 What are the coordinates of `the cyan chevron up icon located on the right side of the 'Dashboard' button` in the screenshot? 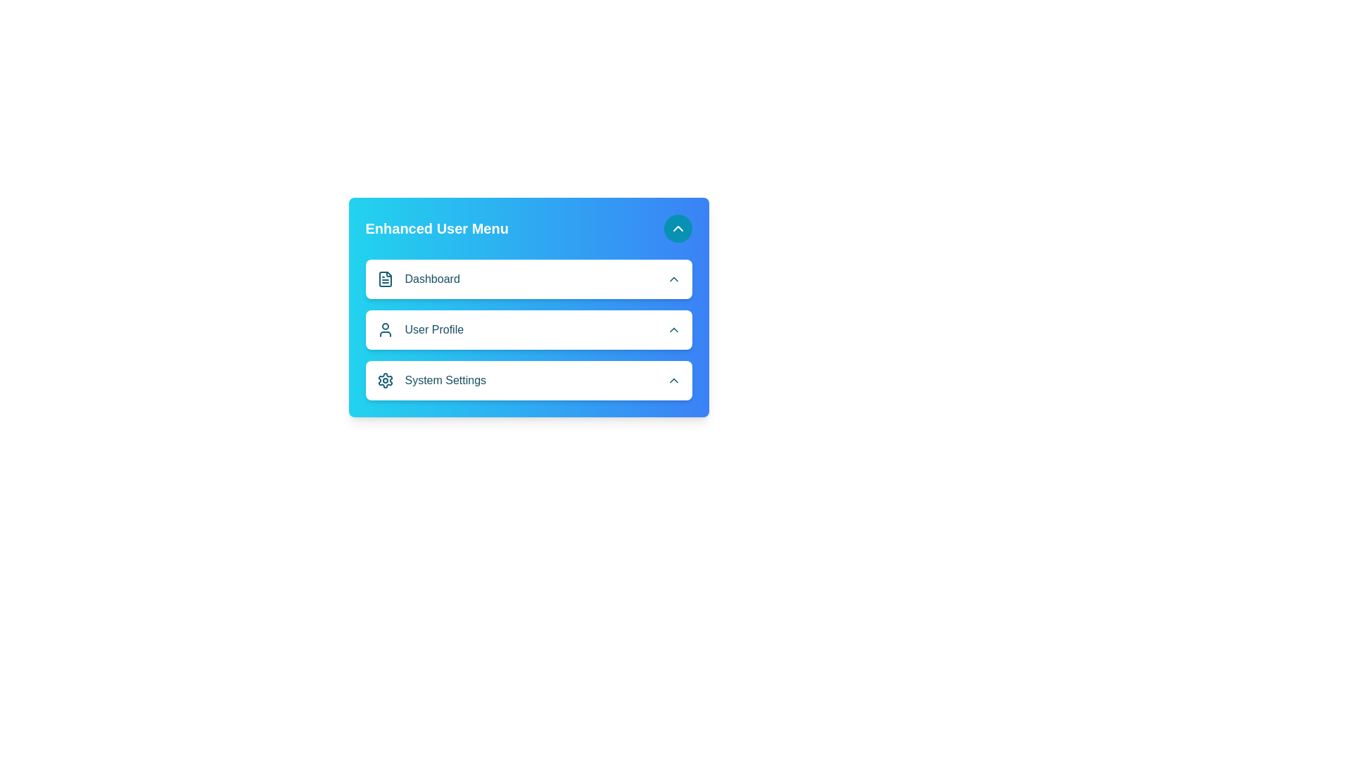 It's located at (673, 279).